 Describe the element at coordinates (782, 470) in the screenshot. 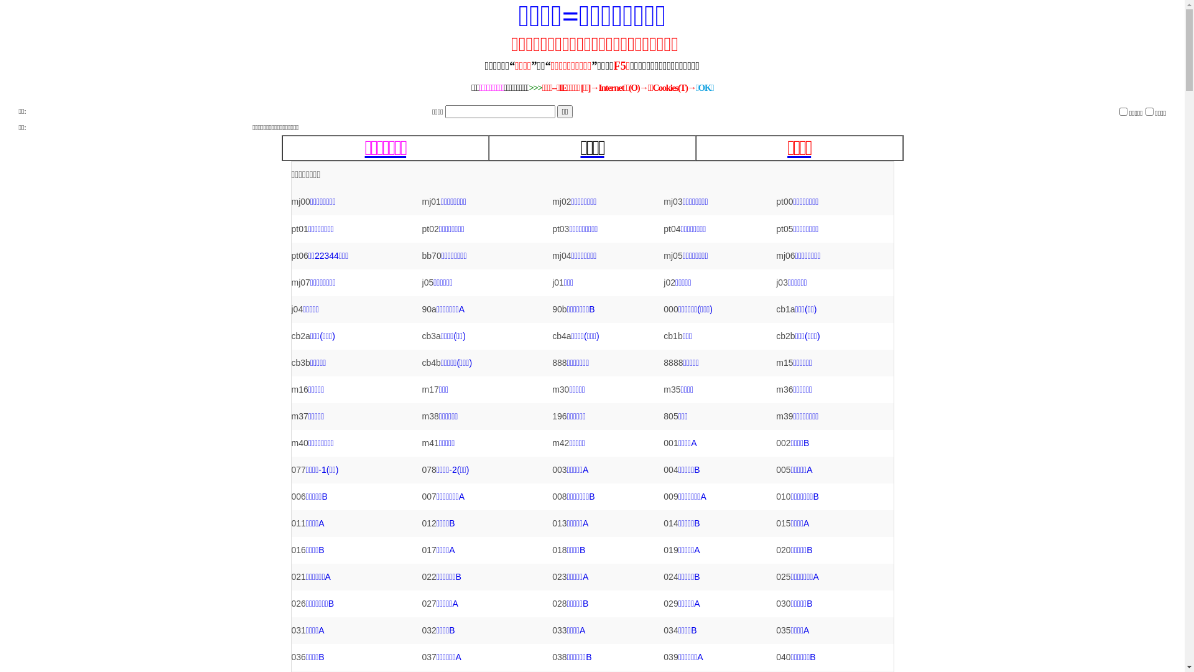

I see `'005'` at that location.